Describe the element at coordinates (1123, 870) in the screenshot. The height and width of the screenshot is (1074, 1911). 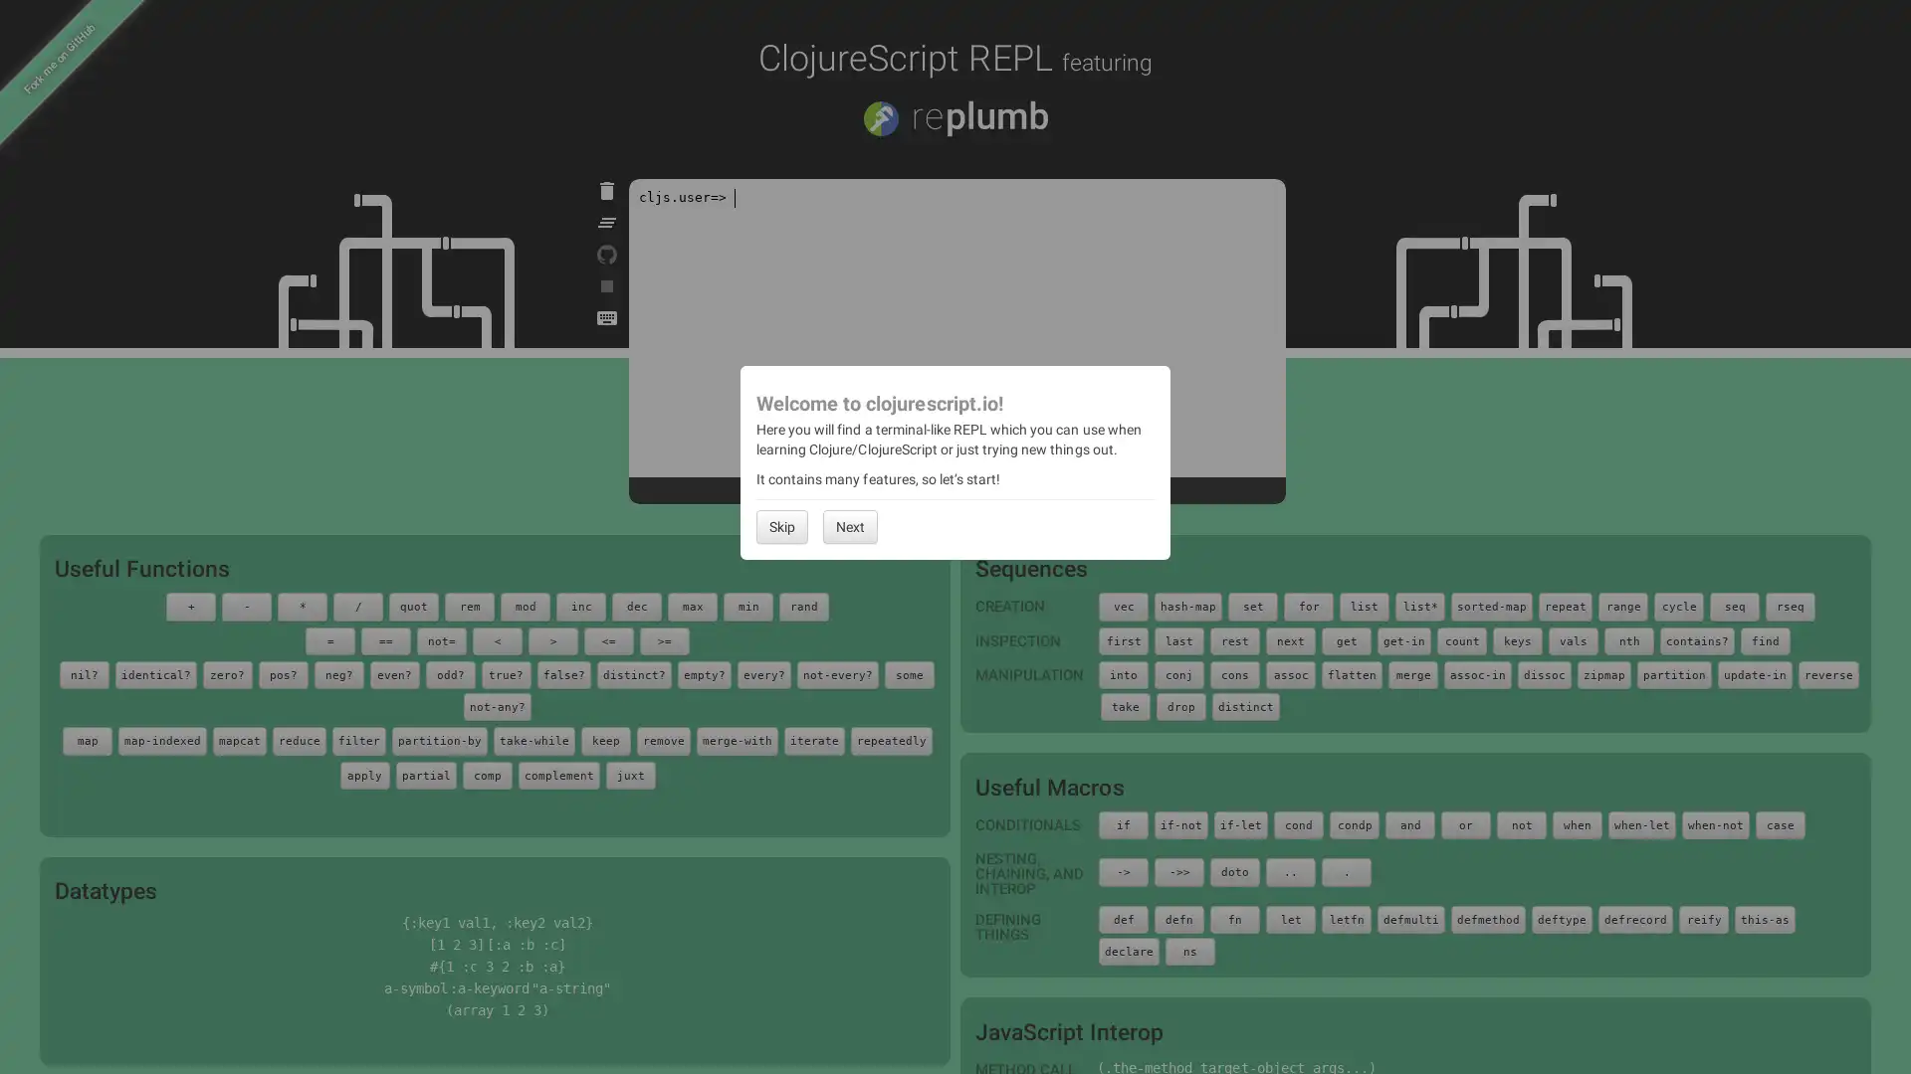
I see `->` at that location.